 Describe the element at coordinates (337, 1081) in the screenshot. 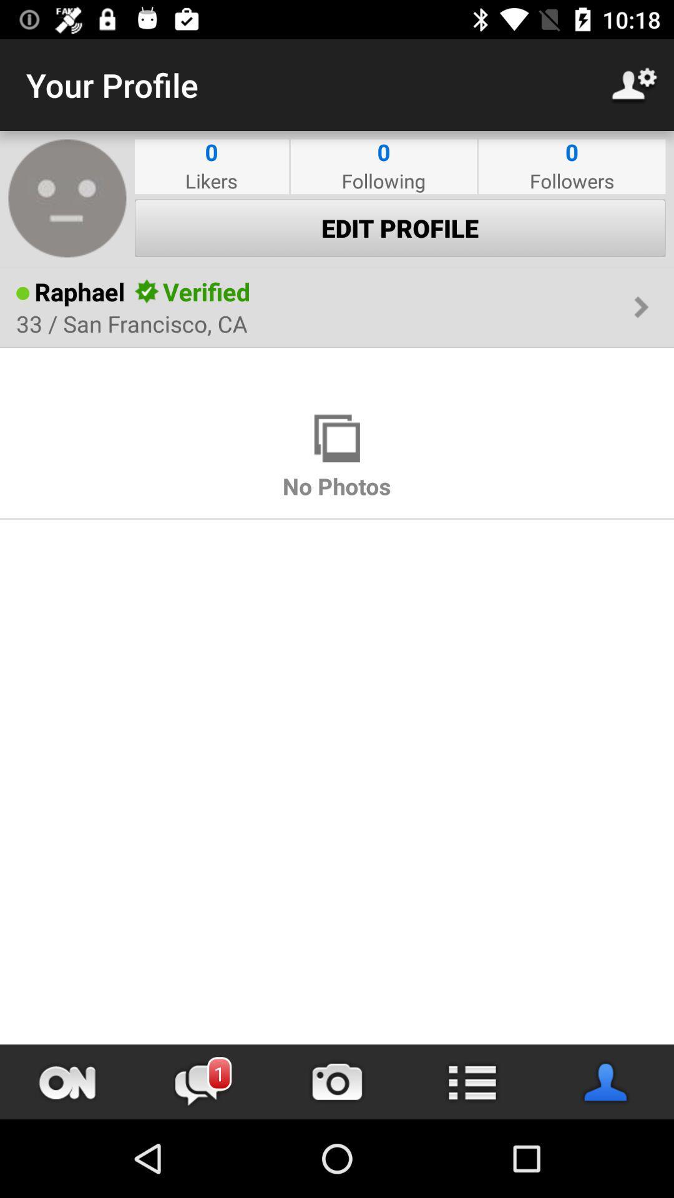

I see `take a picture` at that location.